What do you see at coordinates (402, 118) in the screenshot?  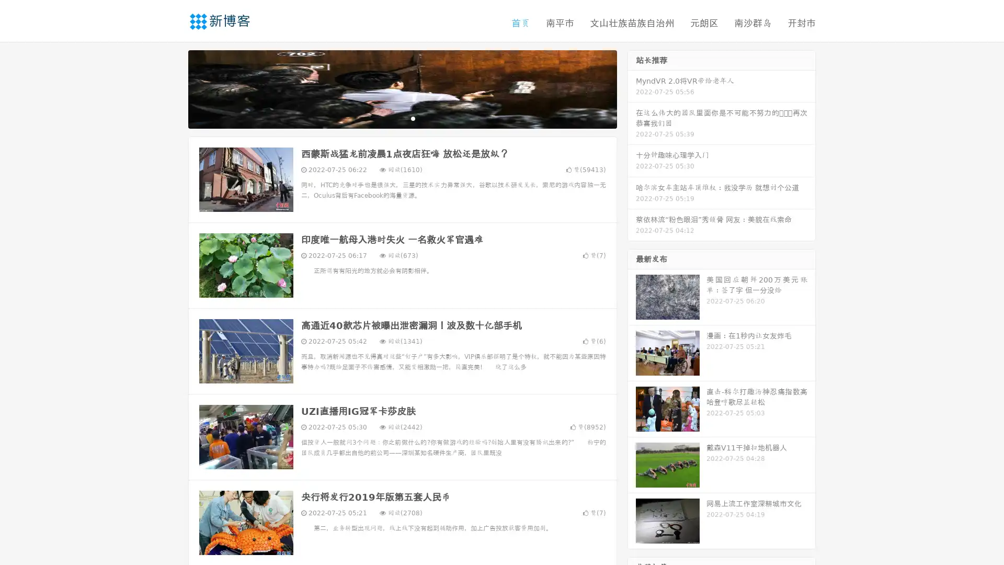 I see `Go to slide 2` at bounding box center [402, 118].